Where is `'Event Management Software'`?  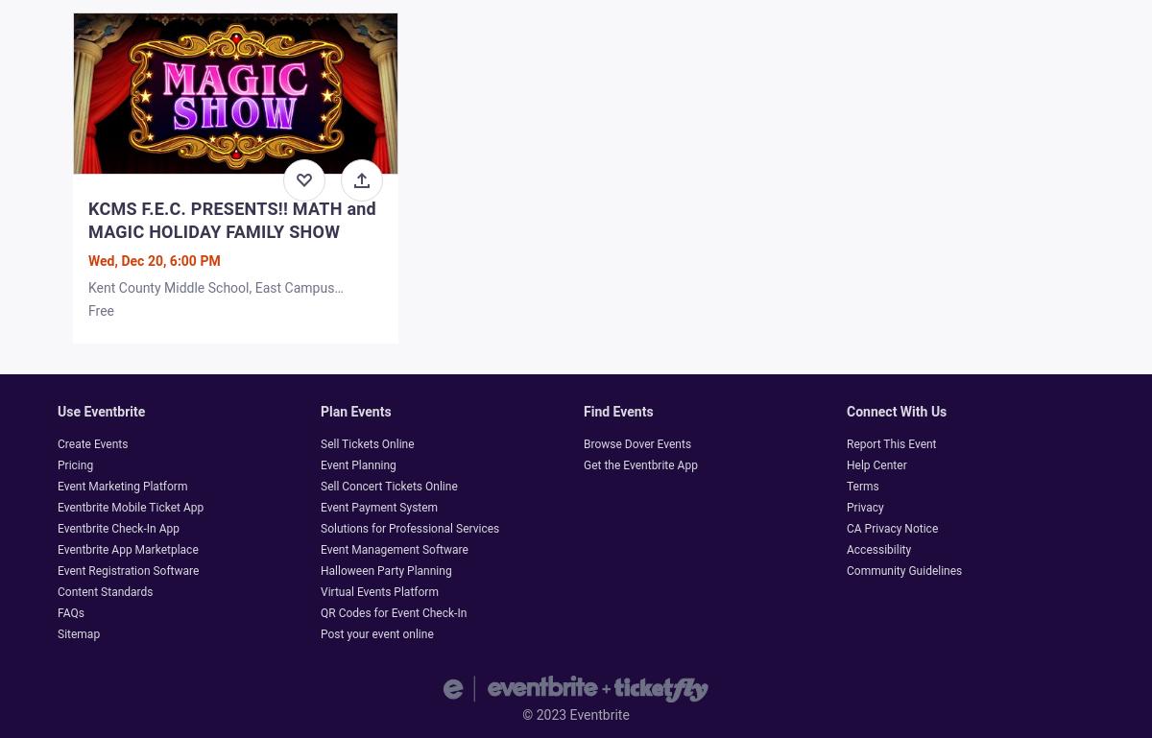 'Event Management Software' is located at coordinates (394, 549).